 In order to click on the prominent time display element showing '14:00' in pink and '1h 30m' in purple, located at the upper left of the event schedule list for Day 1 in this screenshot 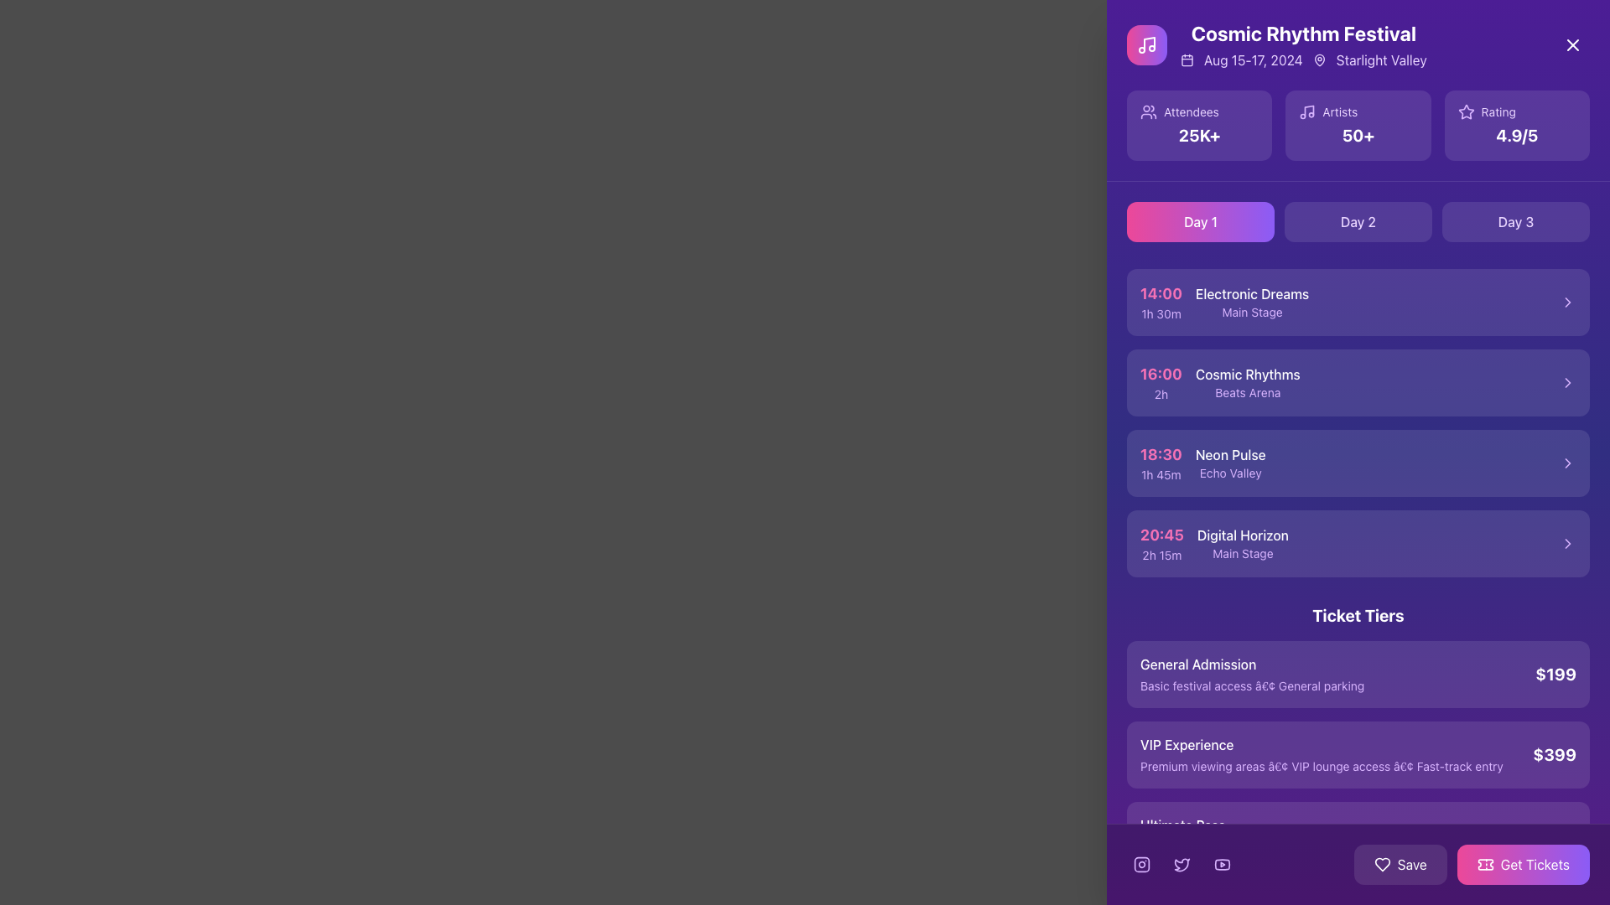, I will do `click(1160, 303)`.